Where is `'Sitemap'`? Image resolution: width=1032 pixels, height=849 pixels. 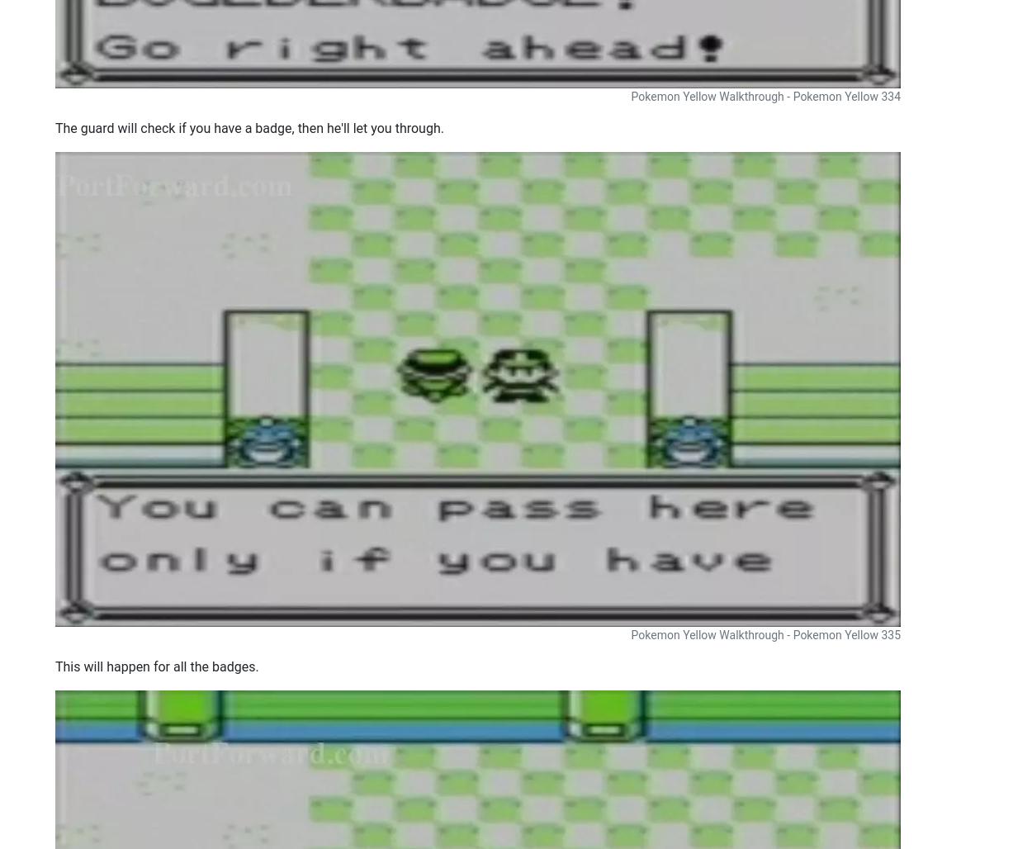 'Sitemap' is located at coordinates (471, 820).